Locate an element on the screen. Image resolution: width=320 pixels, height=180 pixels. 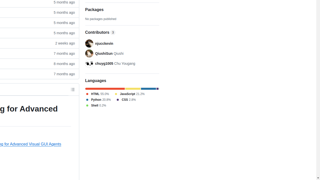
'@njucckevin' is located at coordinates (89, 43).